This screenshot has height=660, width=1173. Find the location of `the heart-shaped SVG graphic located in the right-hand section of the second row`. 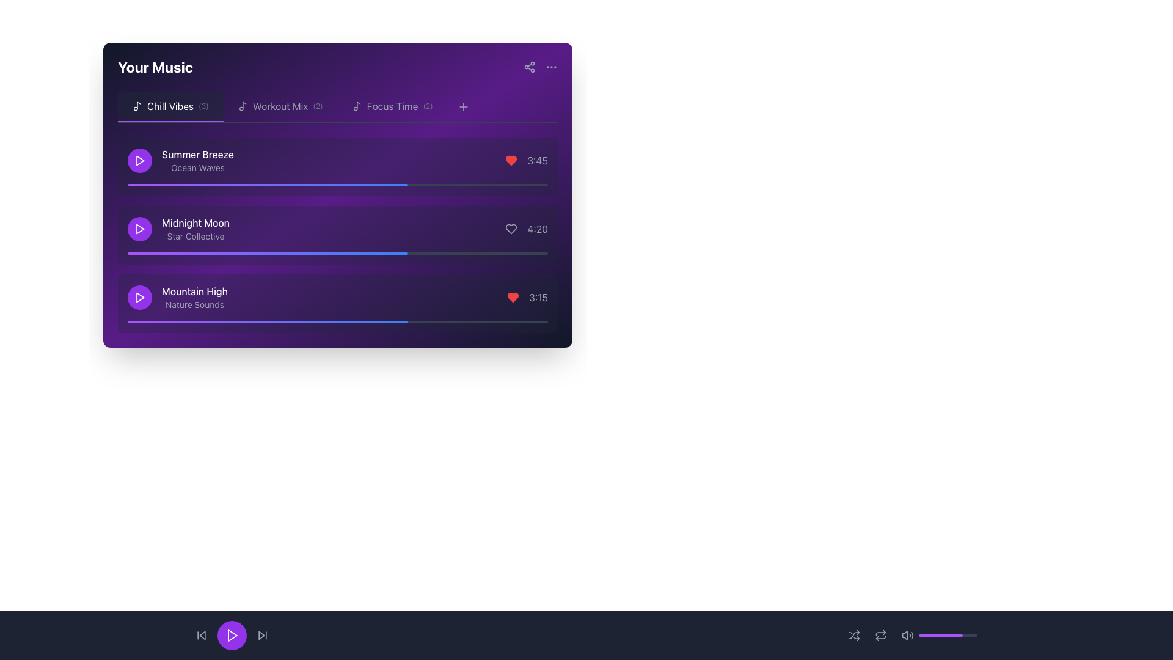

the heart-shaped SVG graphic located in the right-hand section of the second row is located at coordinates (511, 229).